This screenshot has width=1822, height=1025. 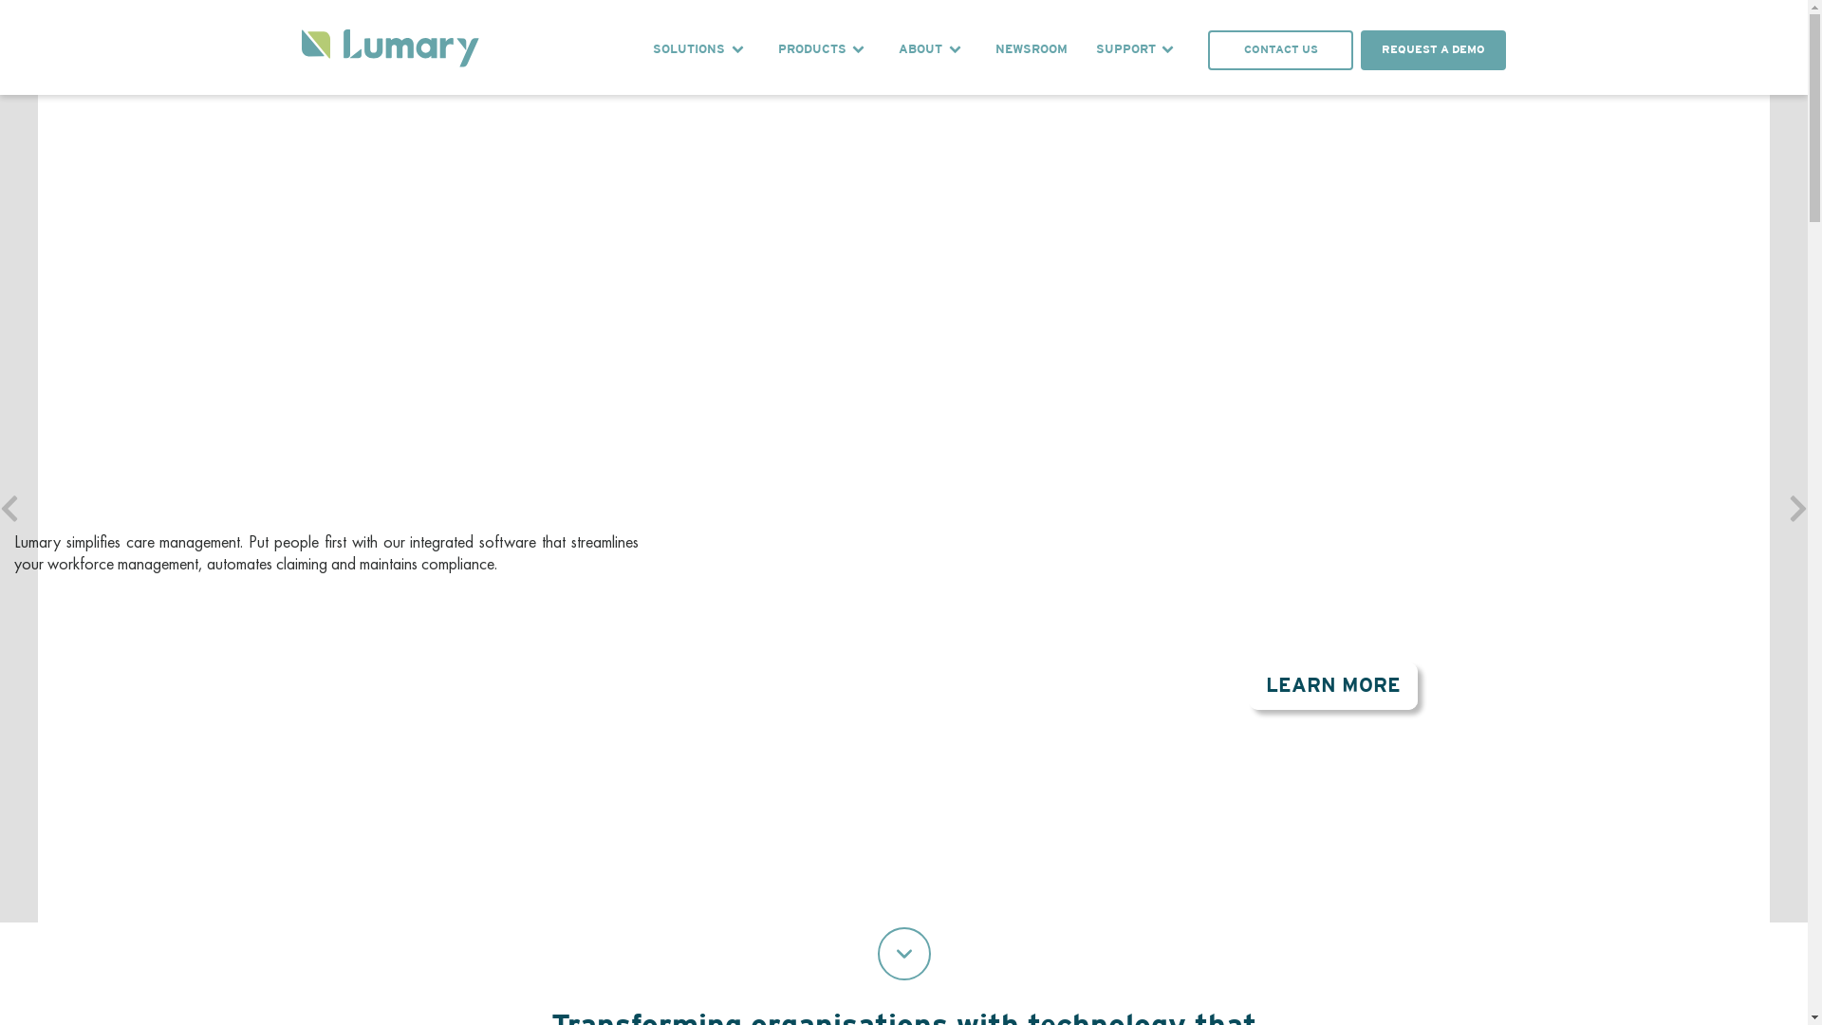 I want to click on 'CONTACT US', so click(x=1280, y=49).